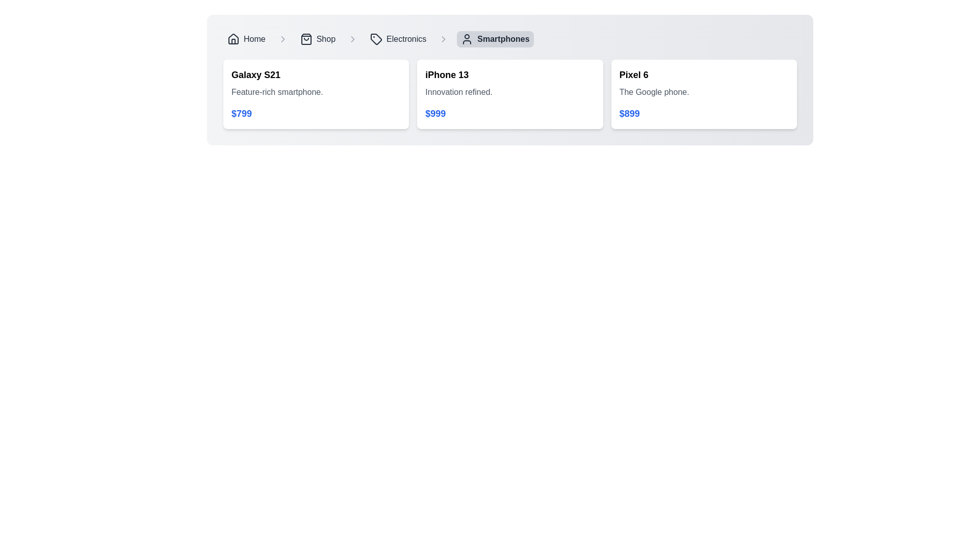  I want to click on the 'Shop' text label in the breadcrumb navigation, so click(325, 39).